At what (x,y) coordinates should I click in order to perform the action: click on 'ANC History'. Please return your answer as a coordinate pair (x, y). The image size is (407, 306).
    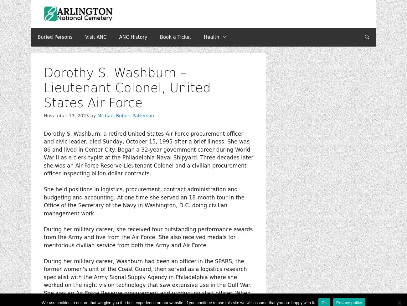
    Looking at the image, I should click on (133, 37).